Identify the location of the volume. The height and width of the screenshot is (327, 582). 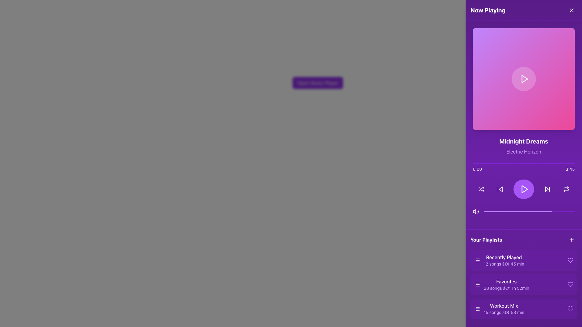
(506, 211).